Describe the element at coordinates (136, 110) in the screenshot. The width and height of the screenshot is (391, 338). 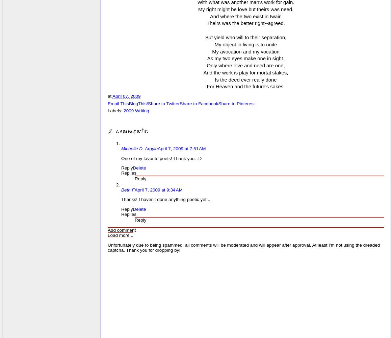
I see `'2009 Writing'` at that location.